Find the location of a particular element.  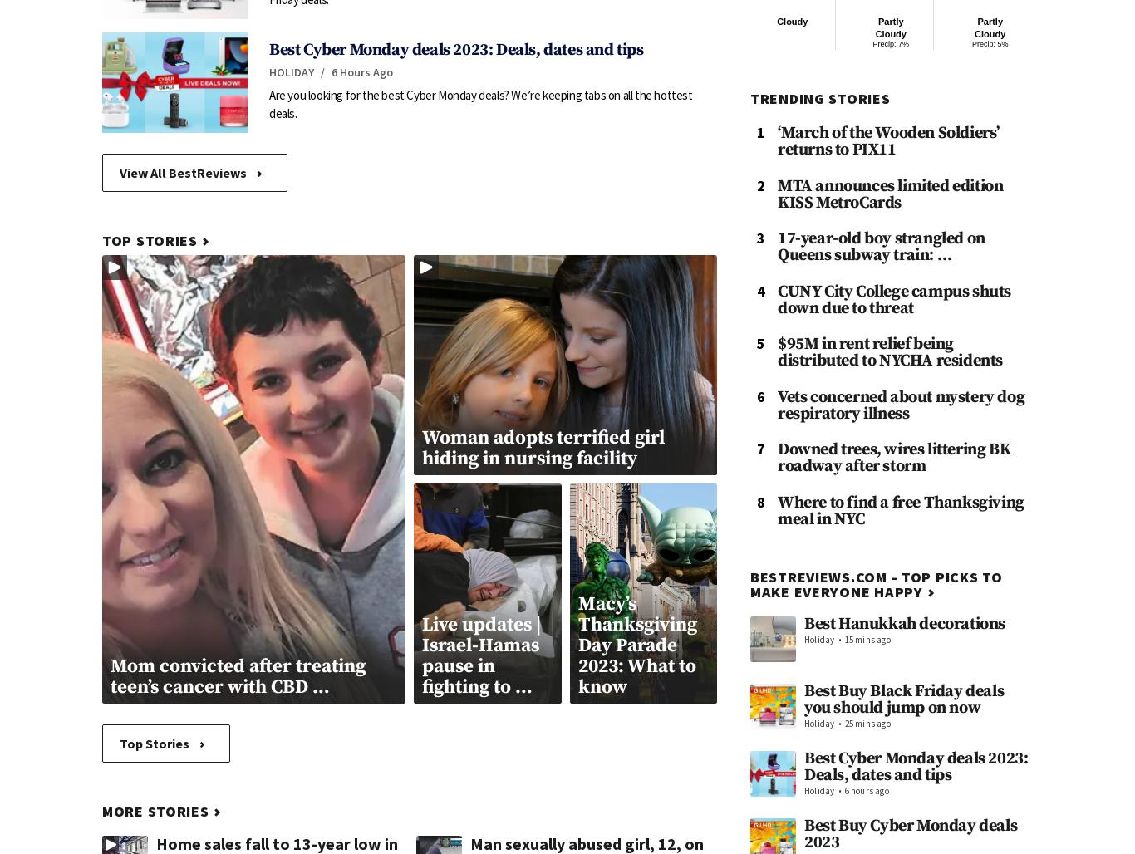

'Precip: 5%' is located at coordinates (990, 44).